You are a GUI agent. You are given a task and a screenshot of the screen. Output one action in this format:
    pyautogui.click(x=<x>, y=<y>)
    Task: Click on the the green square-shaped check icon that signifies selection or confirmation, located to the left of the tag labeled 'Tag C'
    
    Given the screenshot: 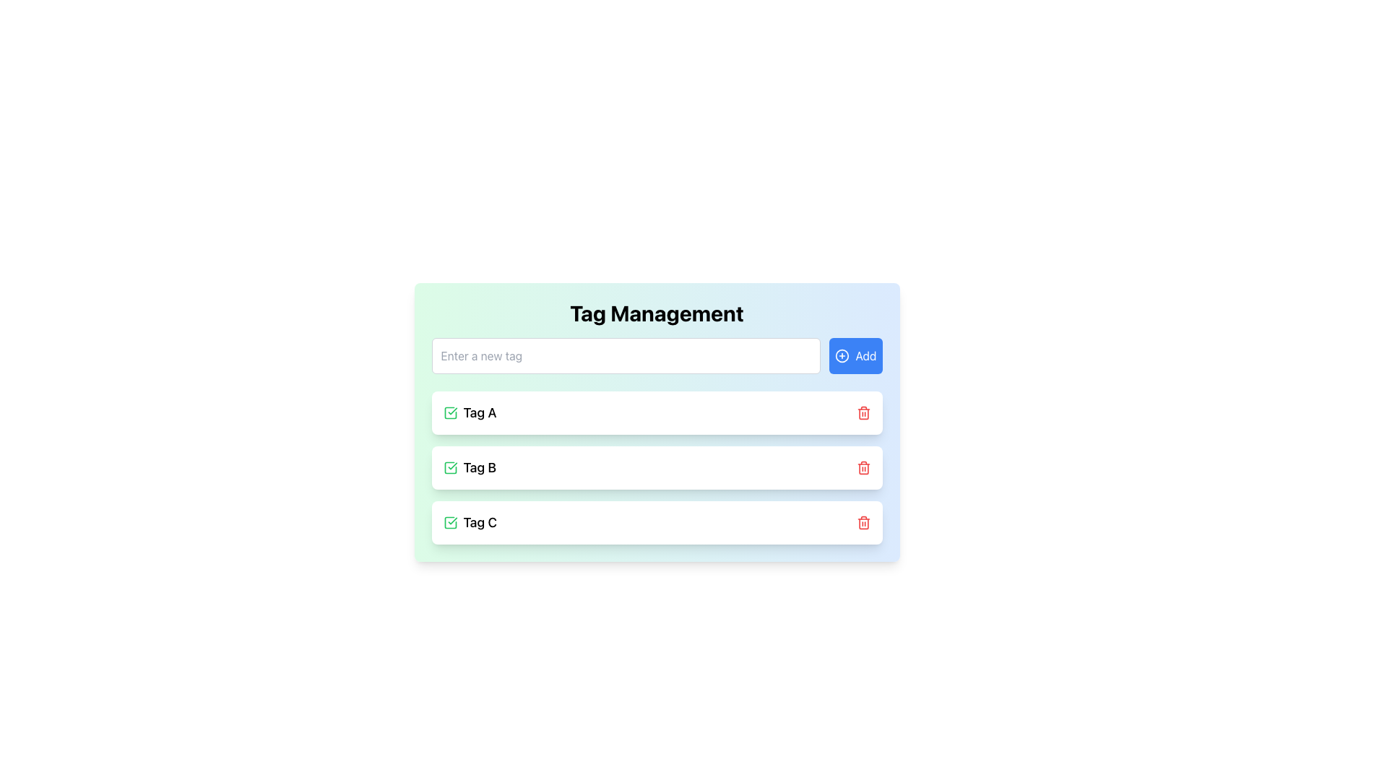 What is the action you would take?
    pyautogui.click(x=449, y=523)
    